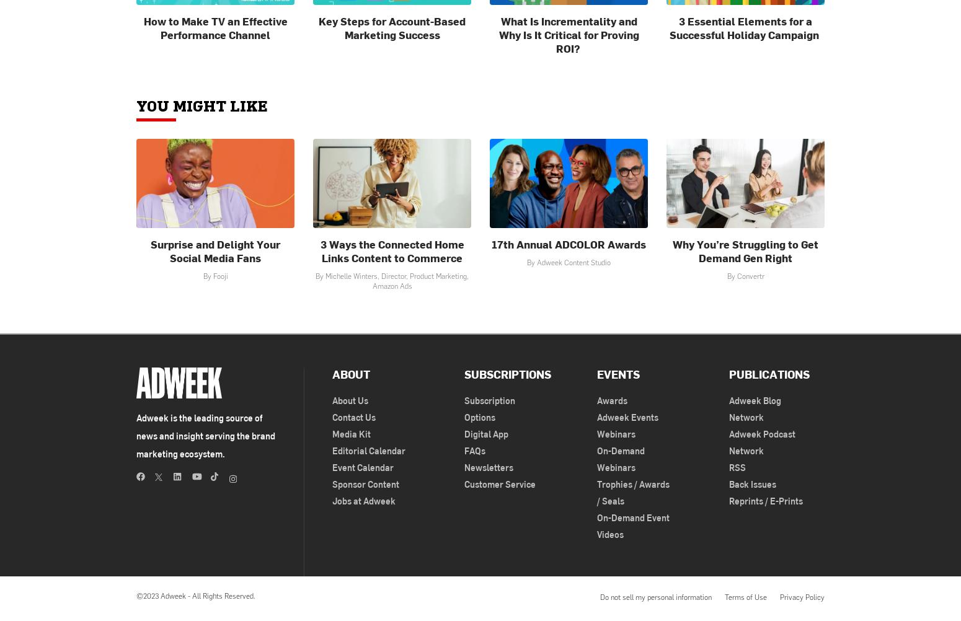 The width and height of the screenshot is (961, 621). What do you see at coordinates (506, 373) in the screenshot?
I see `'Subscriptions'` at bounding box center [506, 373].